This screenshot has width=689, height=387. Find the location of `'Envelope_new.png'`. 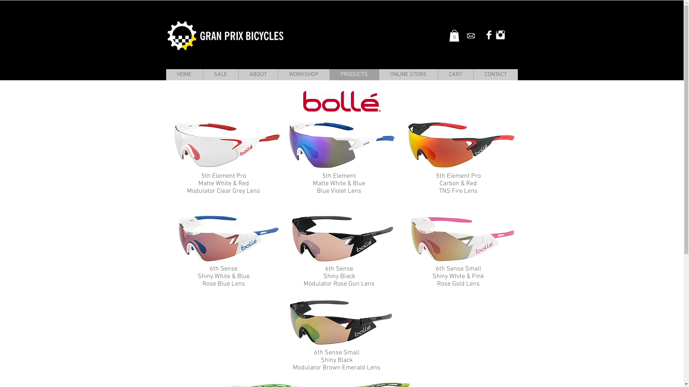

'Envelope_new.png' is located at coordinates (471, 36).